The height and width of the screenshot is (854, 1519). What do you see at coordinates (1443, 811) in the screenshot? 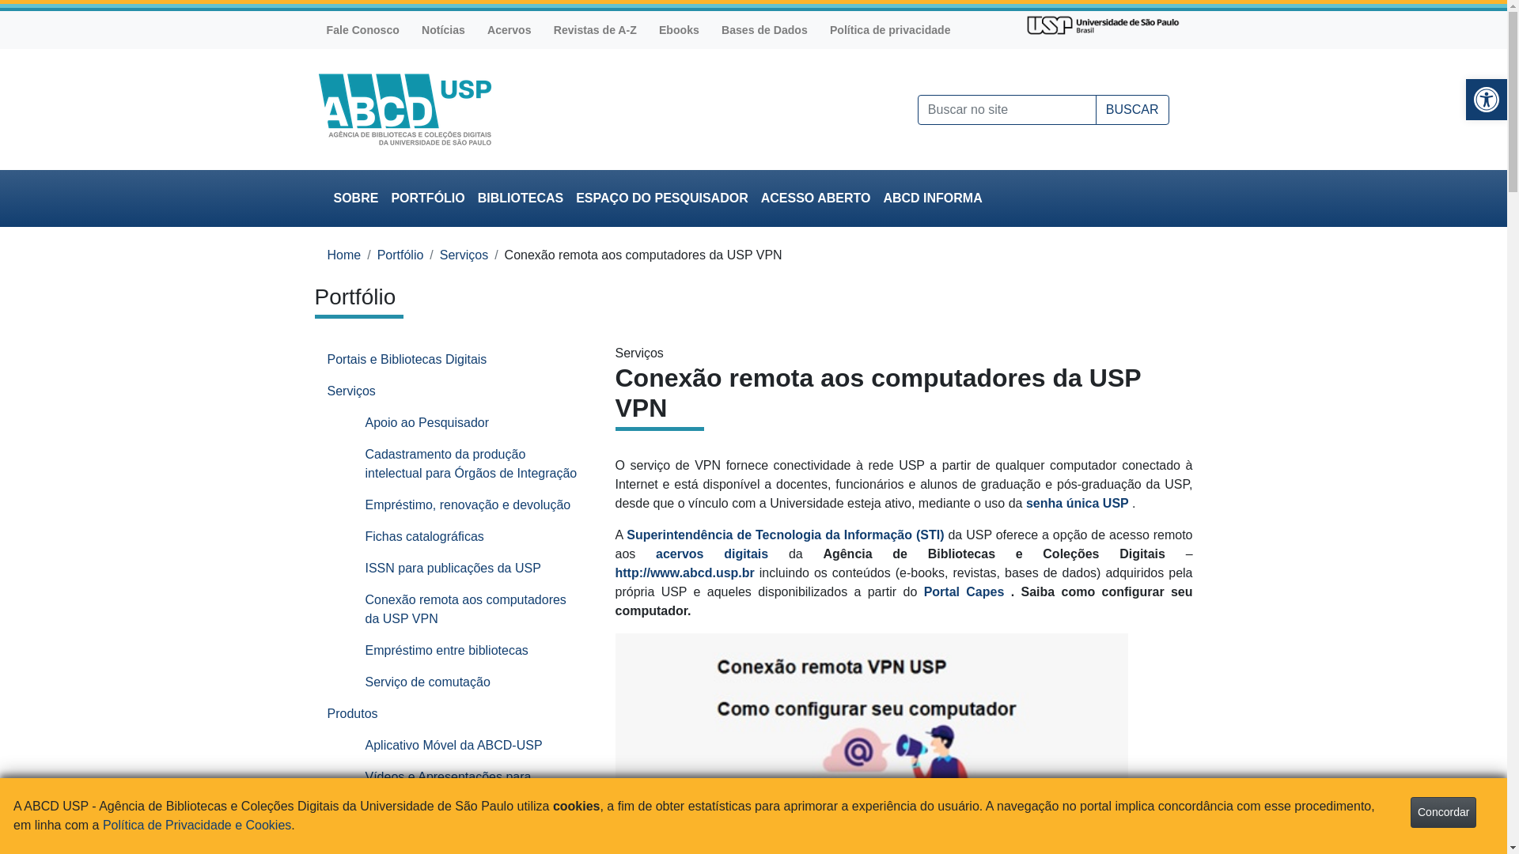
I see `'Concordar'` at bounding box center [1443, 811].